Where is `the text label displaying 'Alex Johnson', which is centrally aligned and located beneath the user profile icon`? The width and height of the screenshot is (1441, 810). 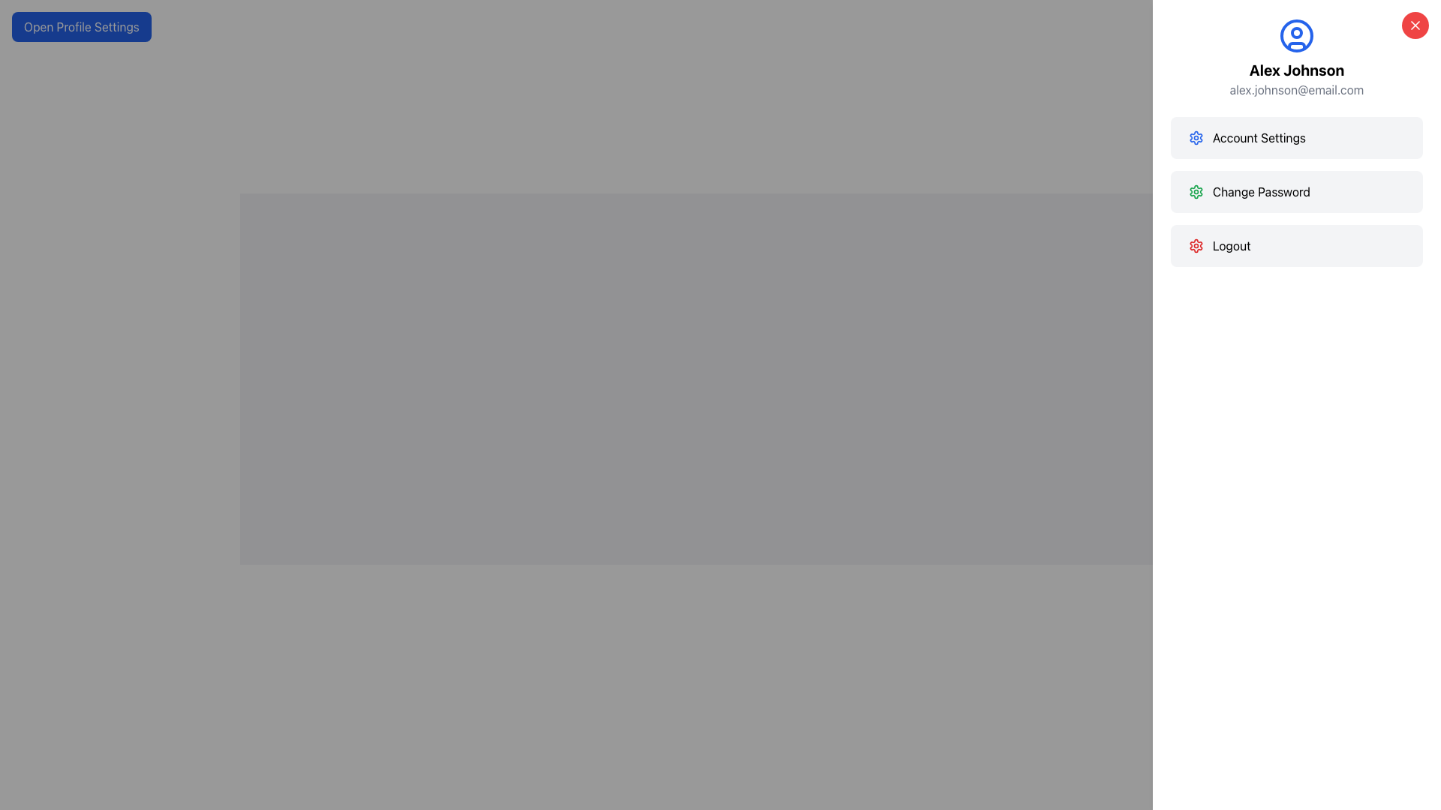
the text label displaying 'Alex Johnson', which is centrally aligned and located beneath the user profile icon is located at coordinates (1296, 70).